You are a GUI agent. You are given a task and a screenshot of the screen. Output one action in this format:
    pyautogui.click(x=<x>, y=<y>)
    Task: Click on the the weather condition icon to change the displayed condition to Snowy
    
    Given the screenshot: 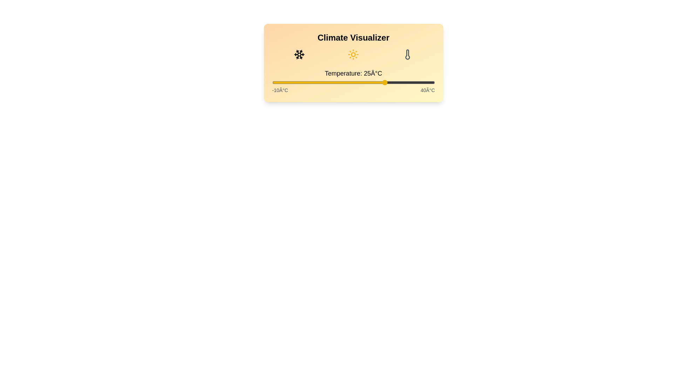 What is the action you would take?
    pyautogui.click(x=299, y=54)
    